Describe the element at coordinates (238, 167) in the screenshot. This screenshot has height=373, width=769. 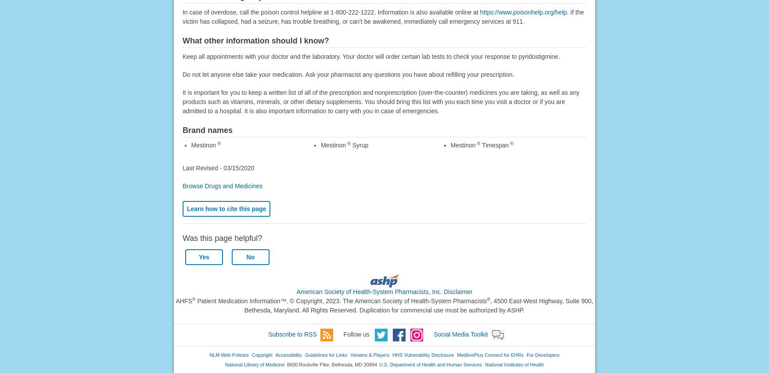
I see `'03/15/2020'` at that location.